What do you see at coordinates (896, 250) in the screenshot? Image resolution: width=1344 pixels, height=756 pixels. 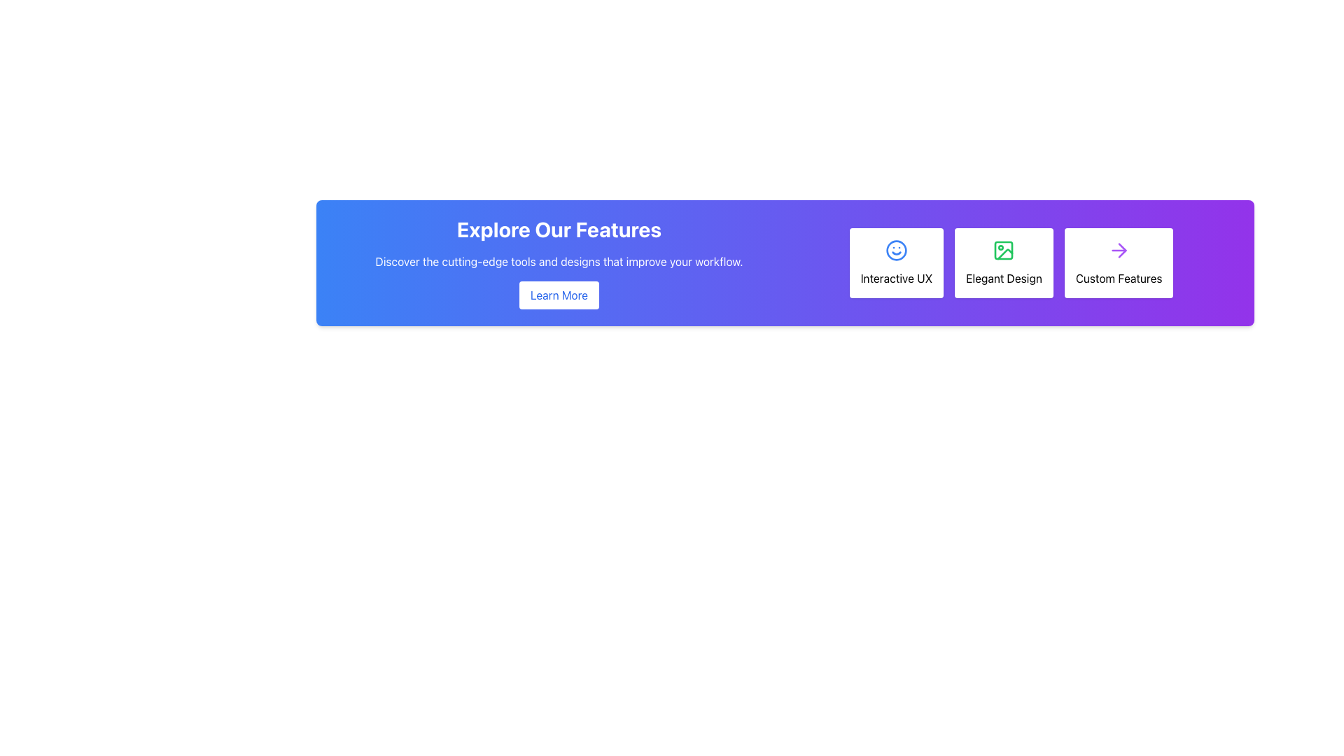 I see `the central circular part of the SVG icon depicting a smiley face, which is styled with a blue-colored outline and is part of the 'Interactive UX' icon` at bounding box center [896, 250].